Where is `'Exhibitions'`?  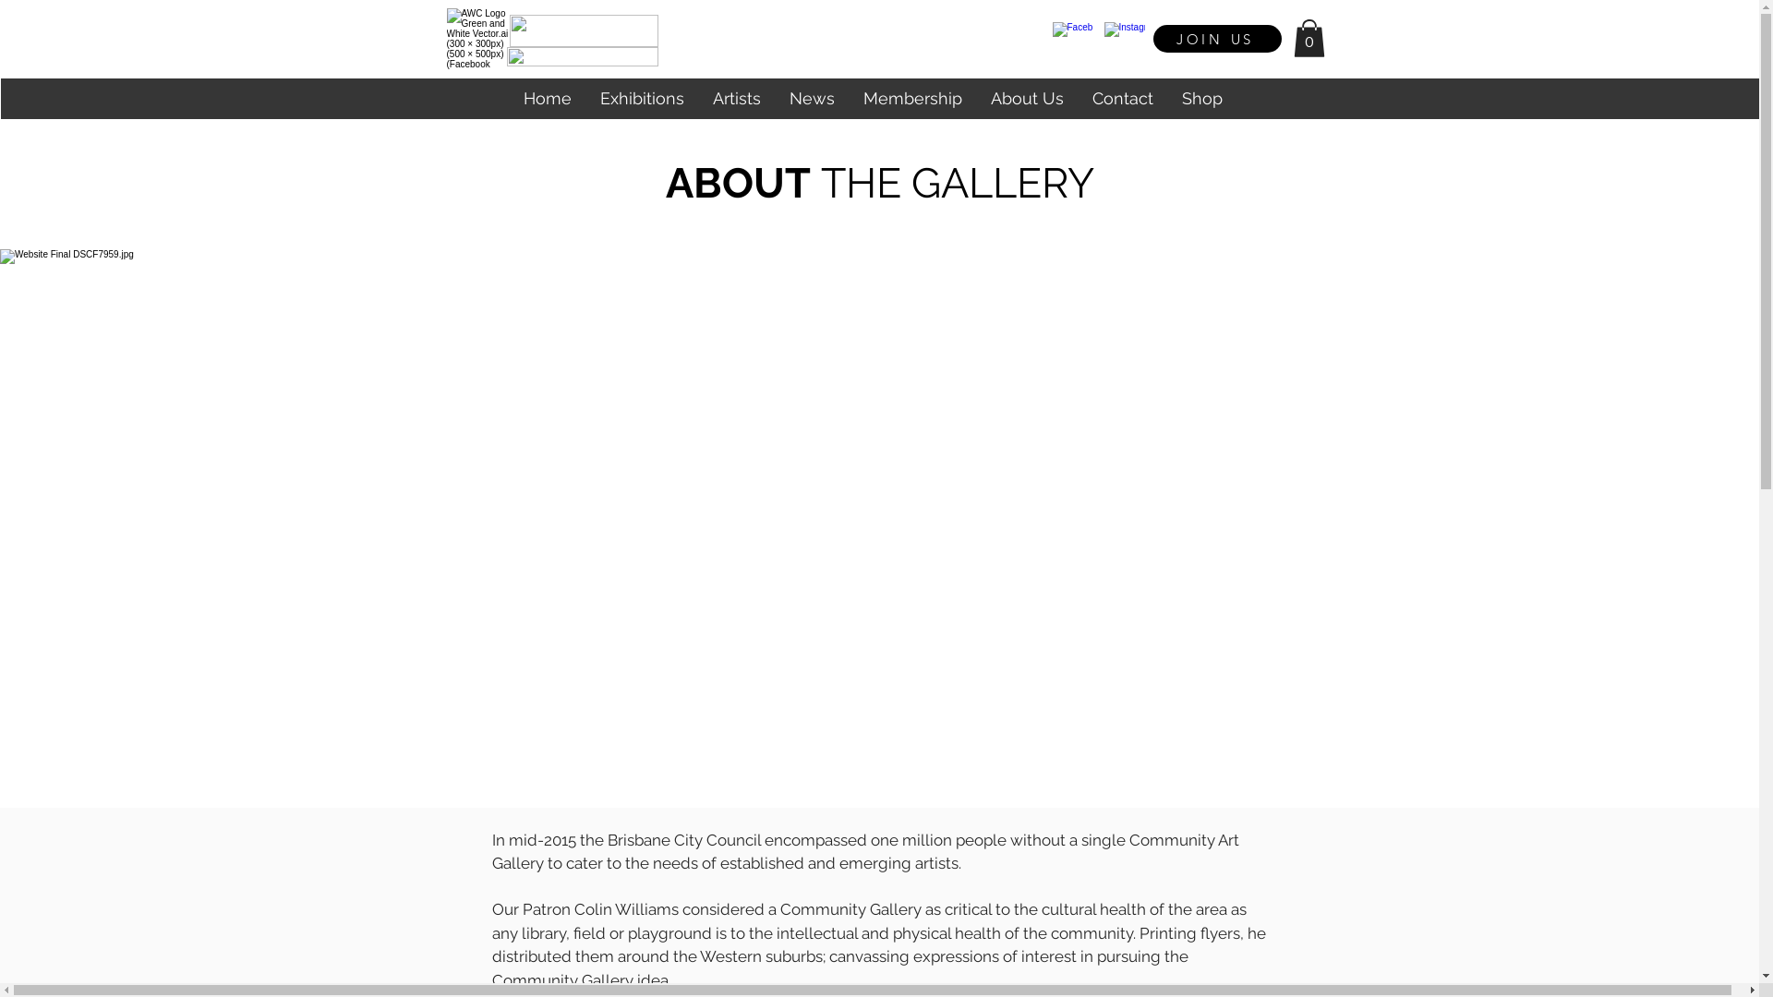
'Exhibitions' is located at coordinates (642, 99).